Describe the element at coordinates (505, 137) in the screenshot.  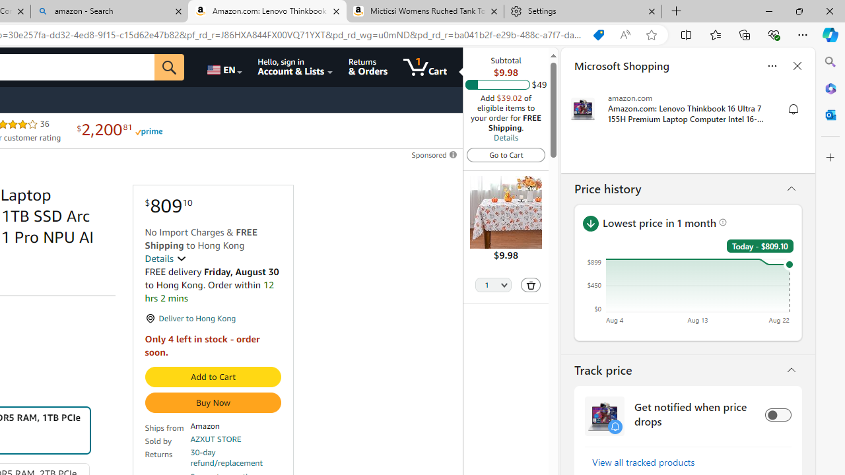
I see `'Details'` at that location.